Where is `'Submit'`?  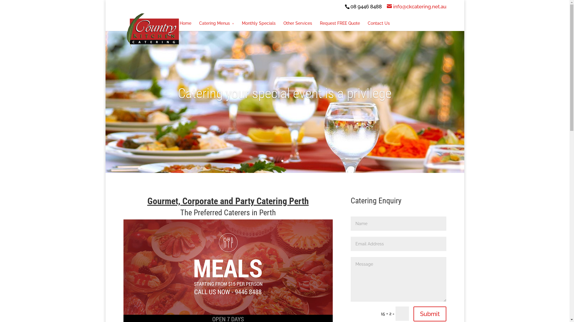 'Submit' is located at coordinates (429, 314).